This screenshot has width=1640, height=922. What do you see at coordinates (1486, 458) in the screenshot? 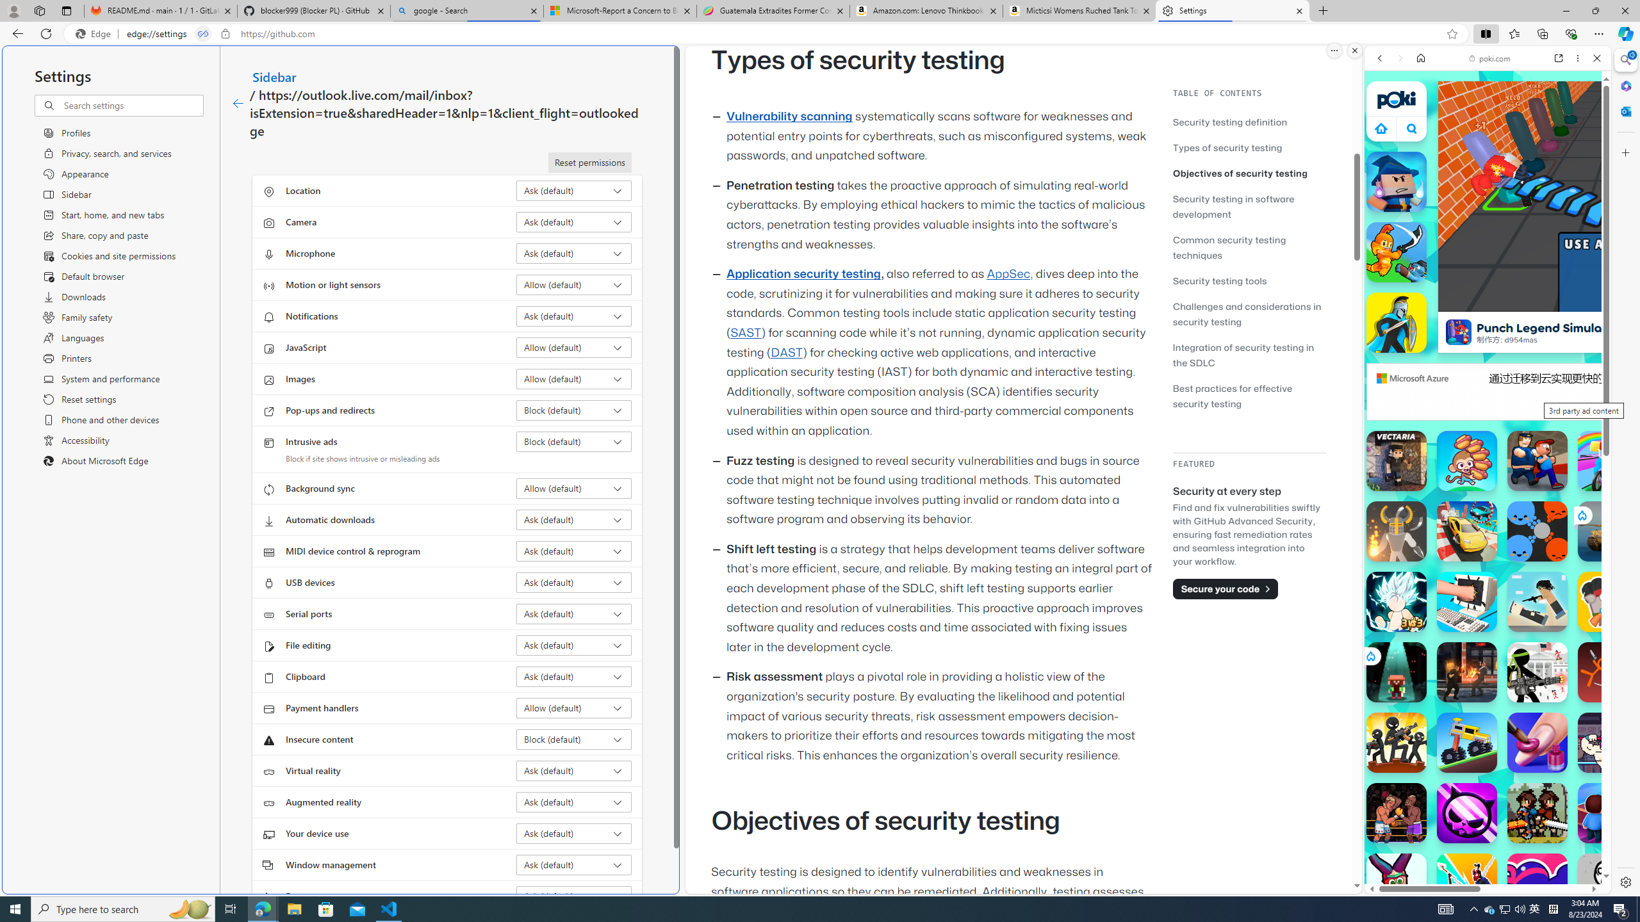
I see `'Games for Girls'` at bounding box center [1486, 458].